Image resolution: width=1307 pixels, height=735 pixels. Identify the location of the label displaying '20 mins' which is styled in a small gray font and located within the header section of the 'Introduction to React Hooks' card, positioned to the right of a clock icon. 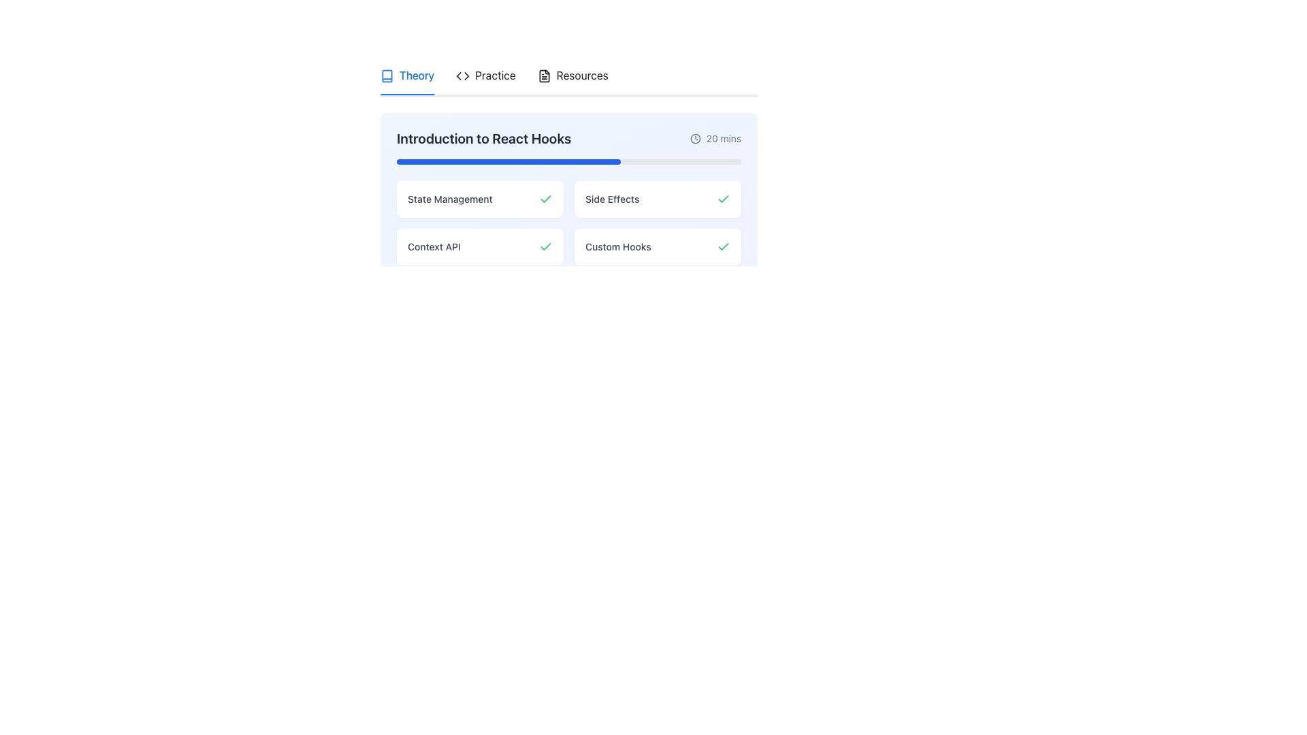
(723, 139).